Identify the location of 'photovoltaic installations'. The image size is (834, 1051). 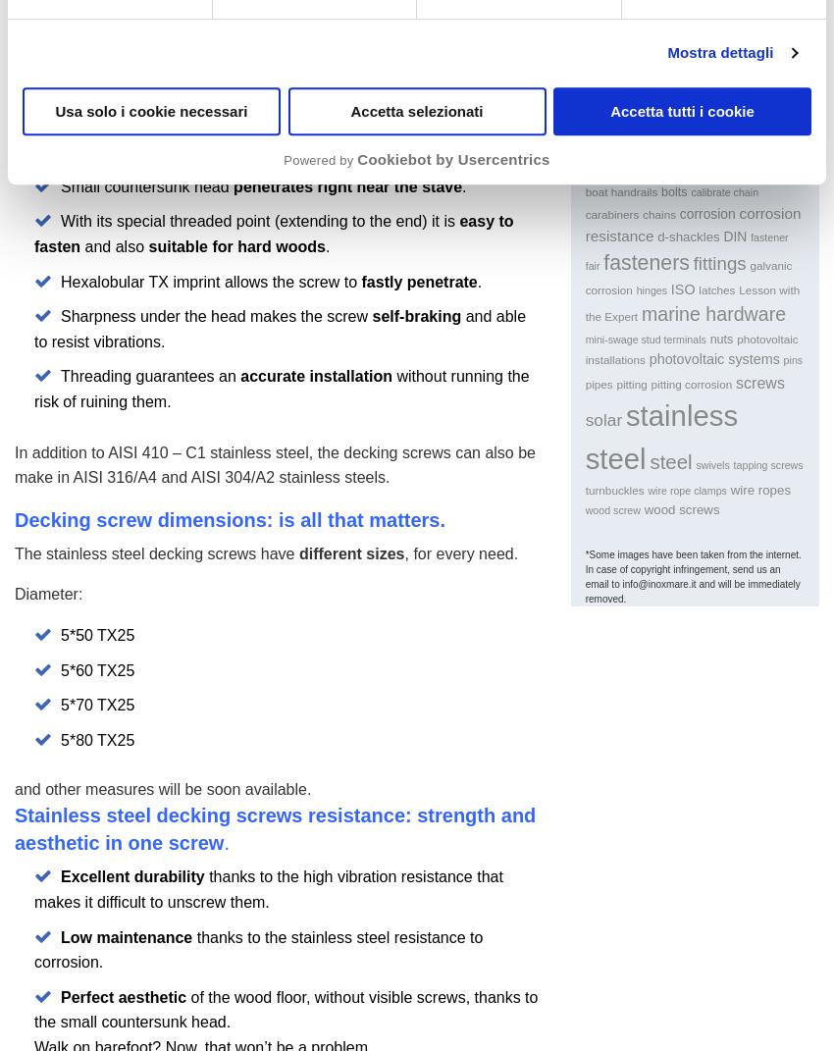
(690, 347).